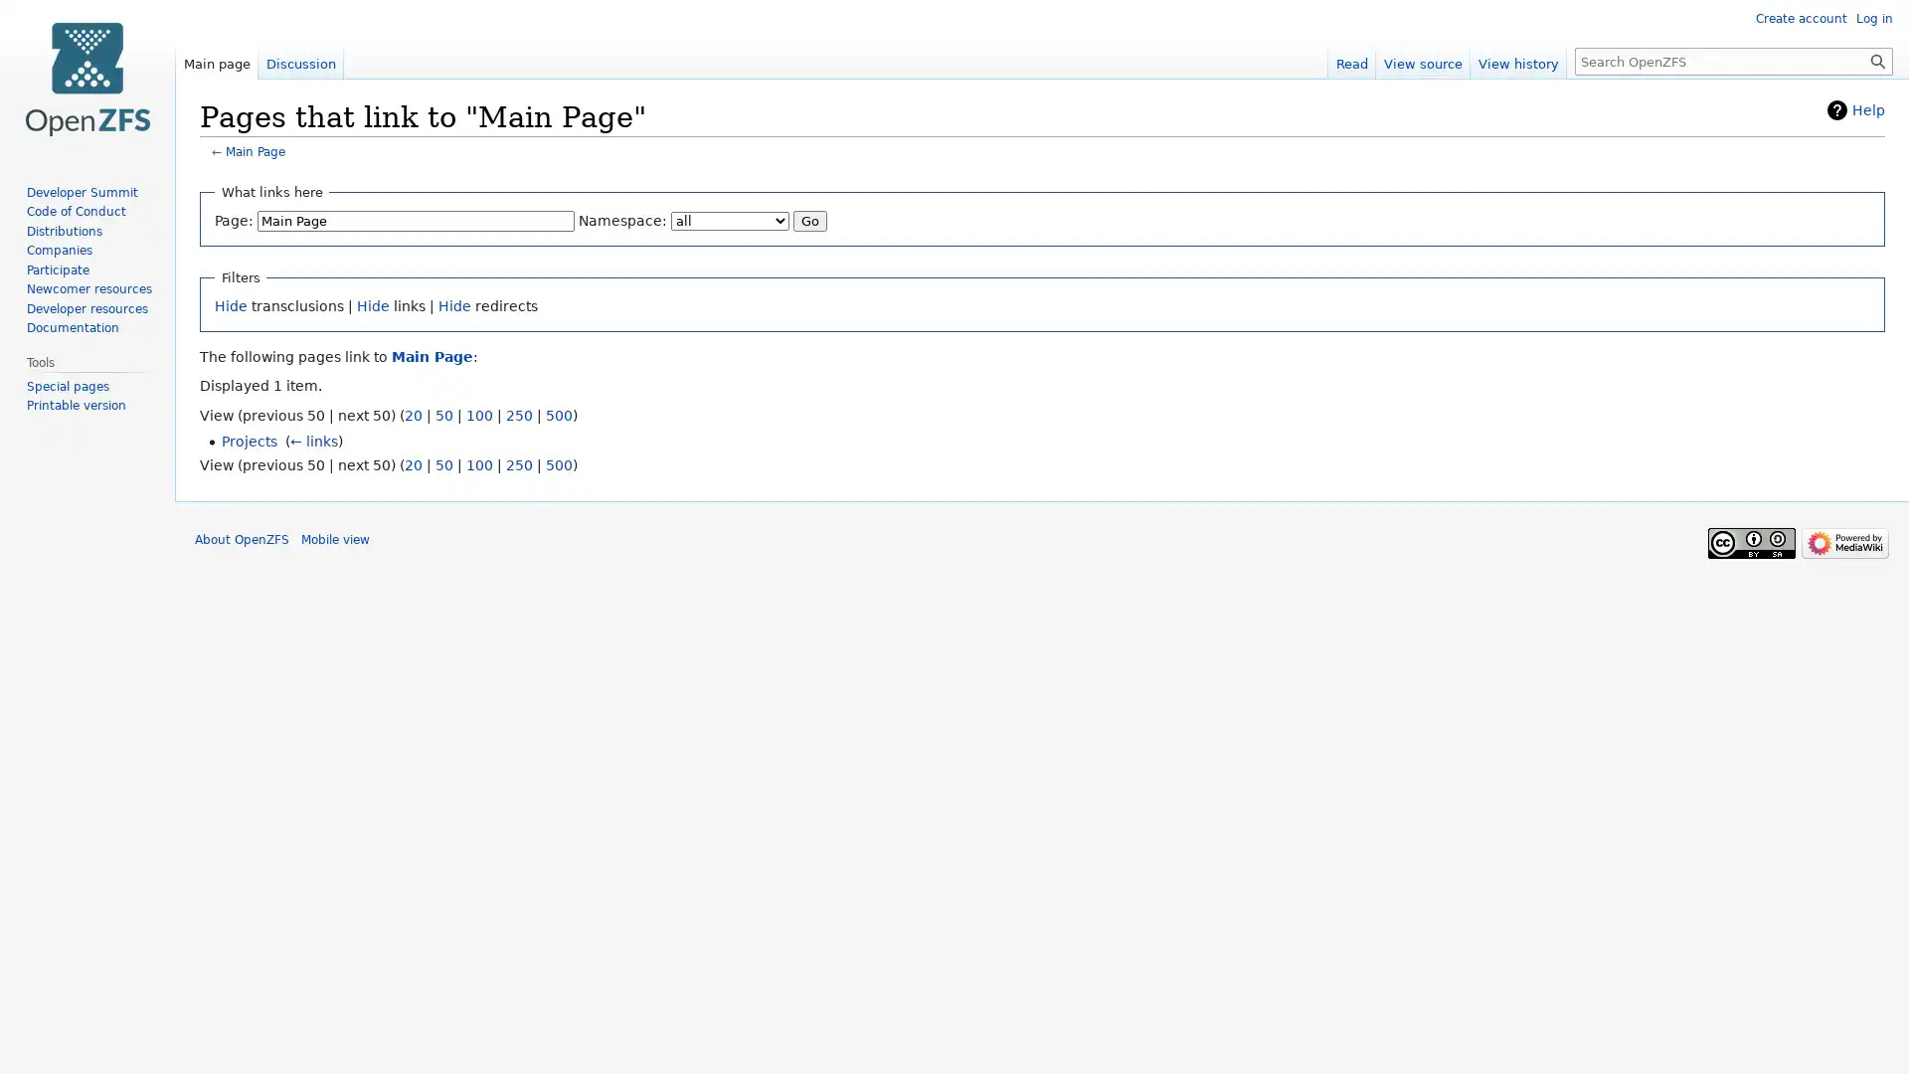 The width and height of the screenshot is (1909, 1074). What do you see at coordinates (1877, 60) in the screenshot?
I see `Search` at bounding box center [1877, 60].